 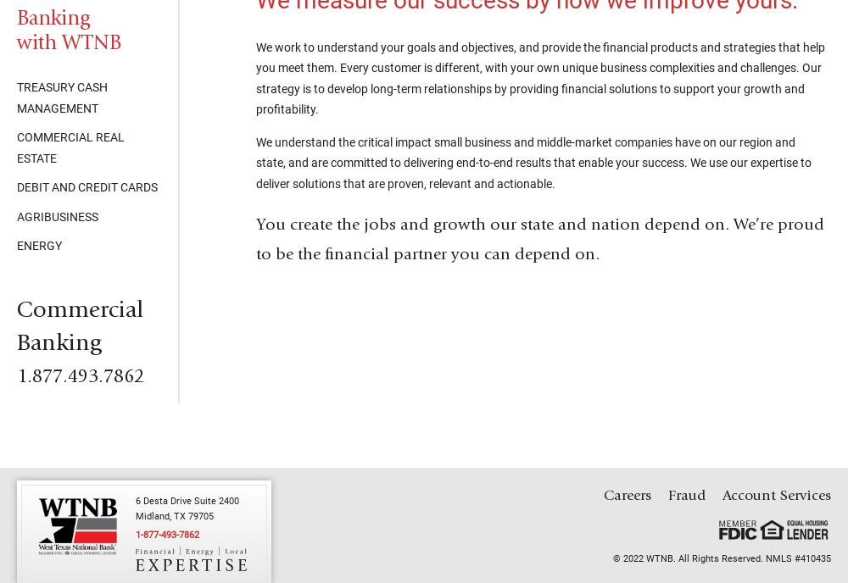 What do you see at coordinates (256, 238) in the screenshot?
I see `'You create the jobs and growth our state and nation depend on. We’re proud to be the financial partner you can depend on.'` at bounding box center [256, 238].